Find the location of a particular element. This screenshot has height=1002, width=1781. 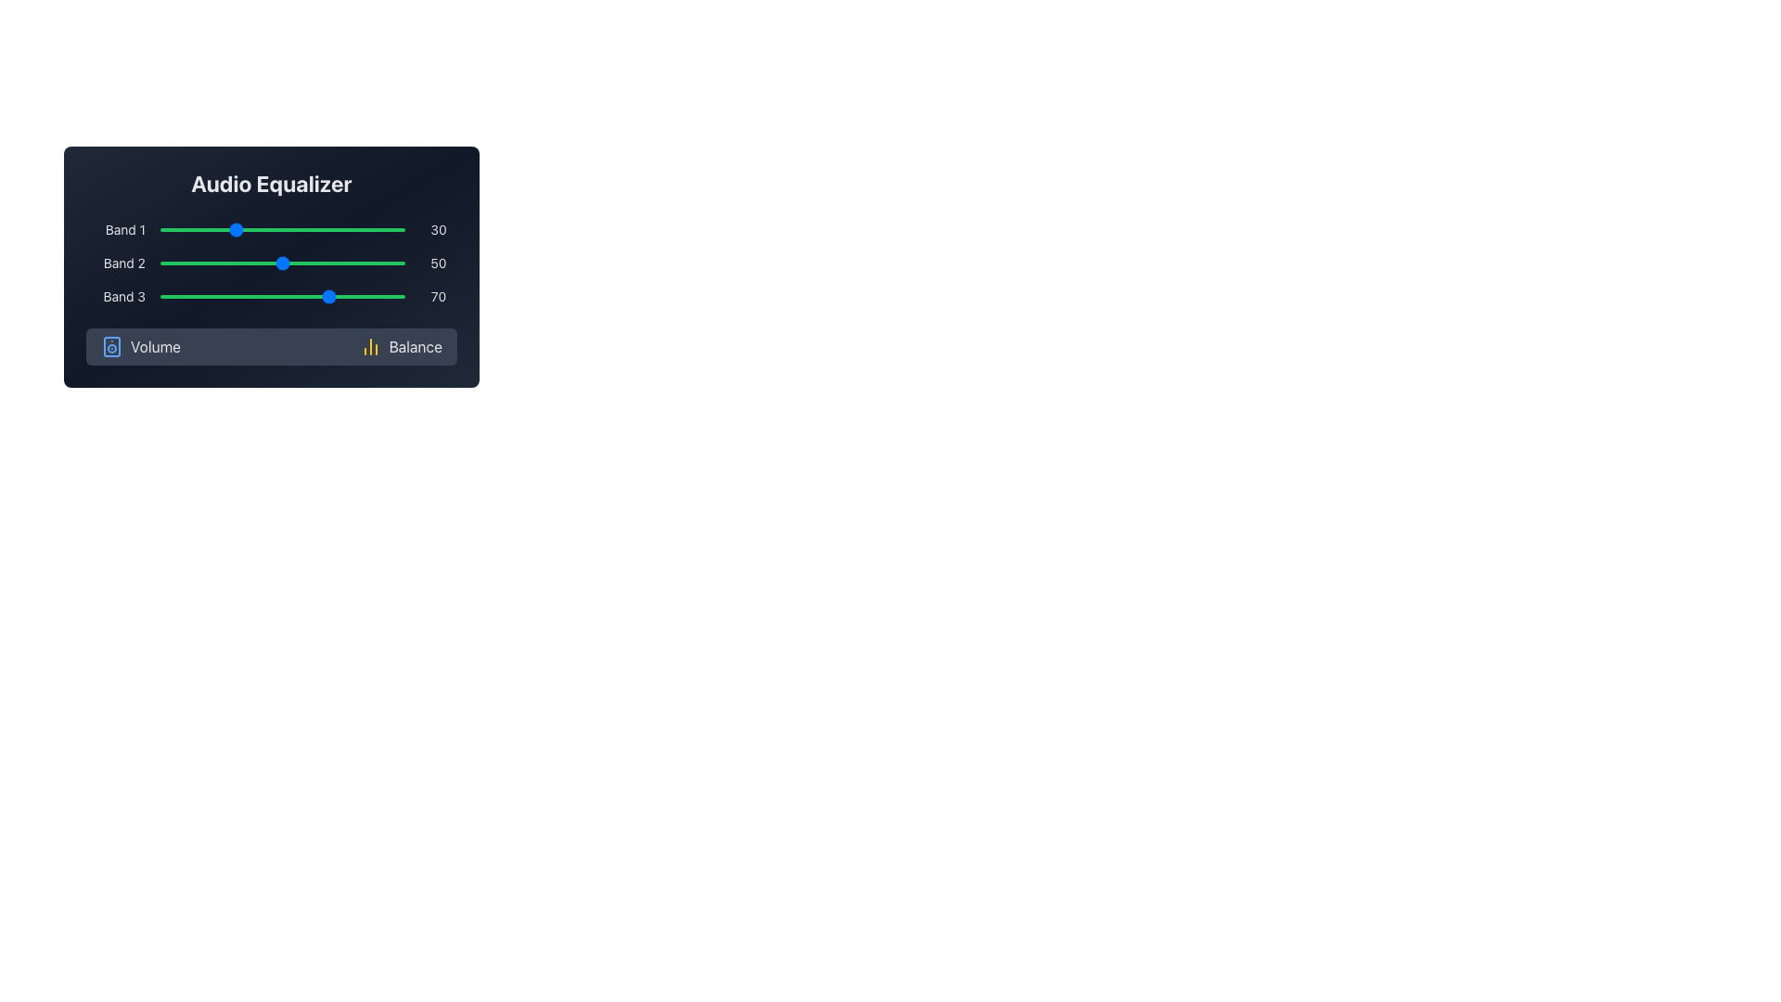

the horizontal green slider for Band 3 is located at coordinates (282, 296).